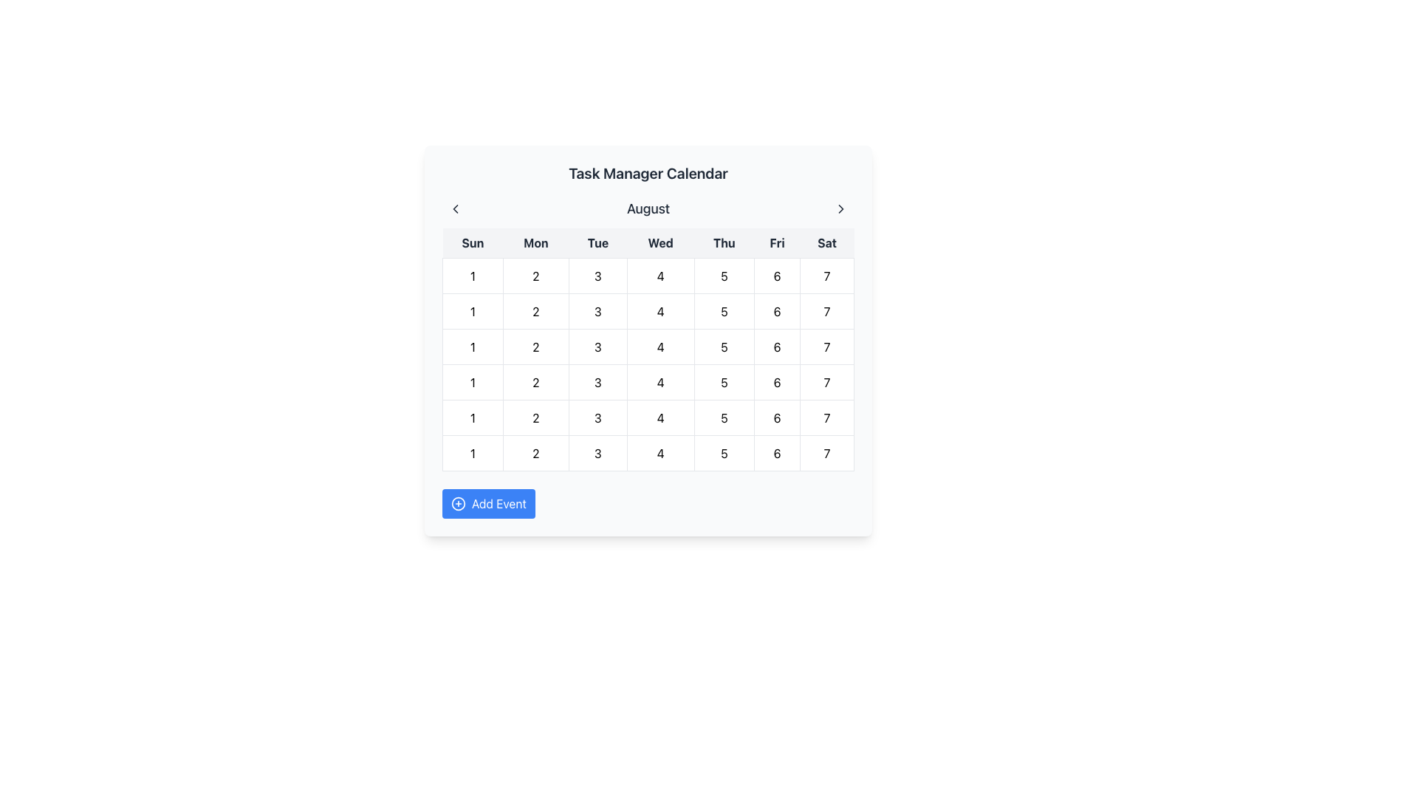  Describe the element at coordinates (776, 310) in the screenshot. I see `the calendar date cell representing the date '6'` at that location.